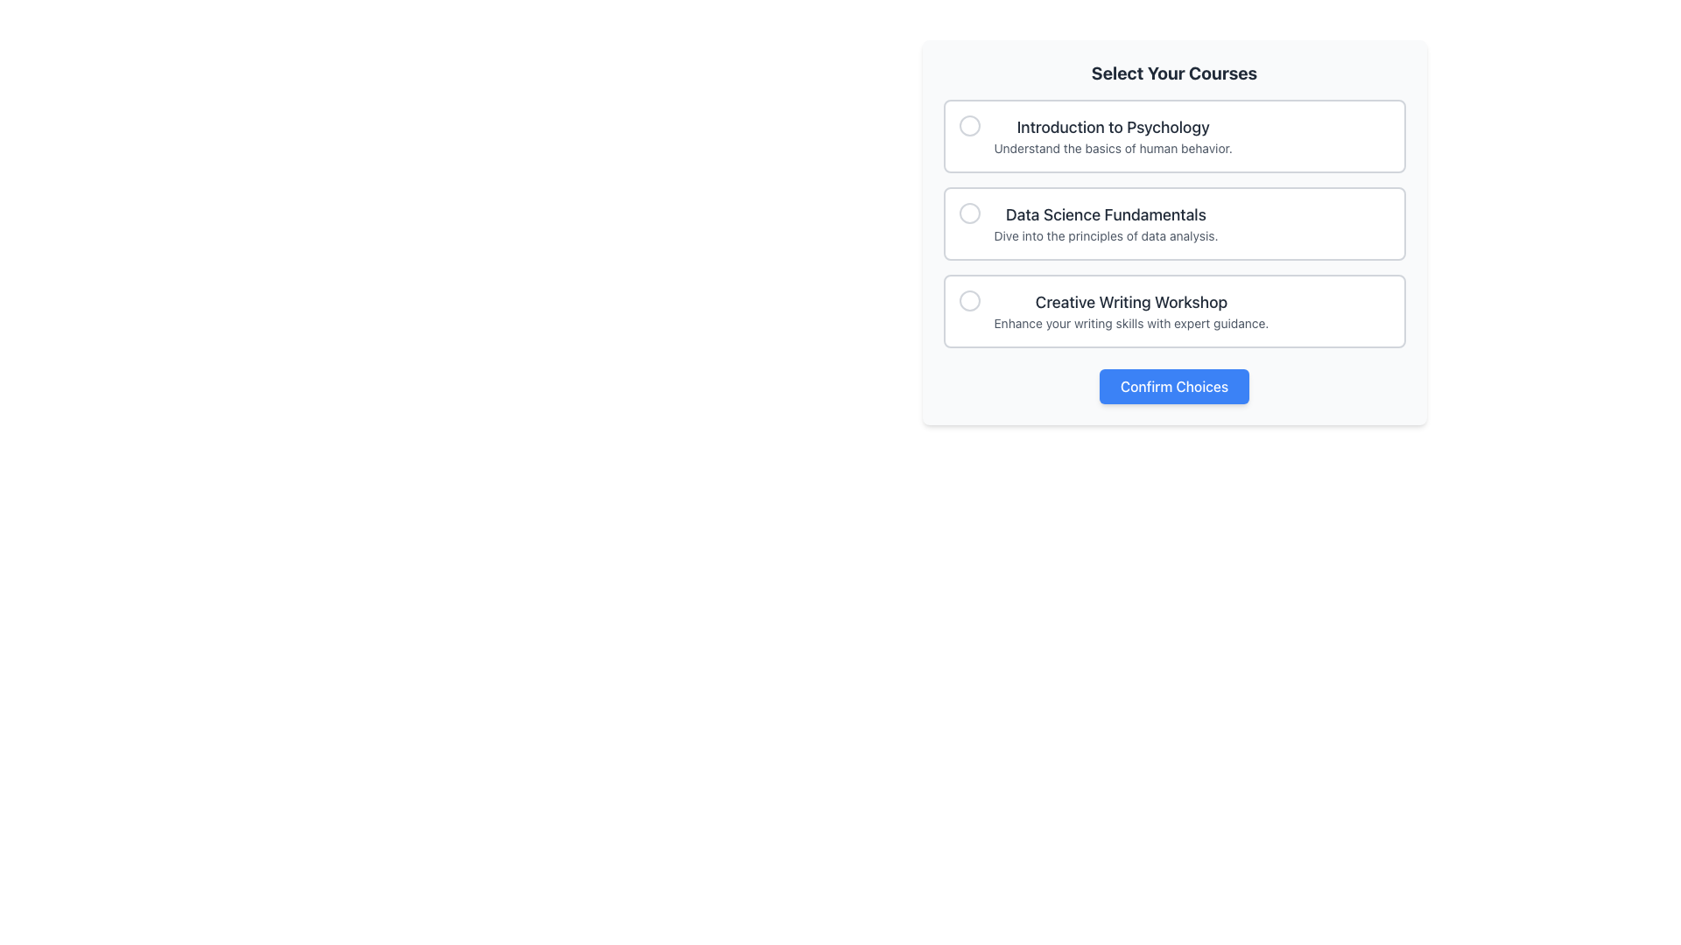  What do you see at coordinates (968, 212) in the screenshot?
I see `the checkbox which is a small circular component with a white background and gray border, located` at bounding box center [968, 212].